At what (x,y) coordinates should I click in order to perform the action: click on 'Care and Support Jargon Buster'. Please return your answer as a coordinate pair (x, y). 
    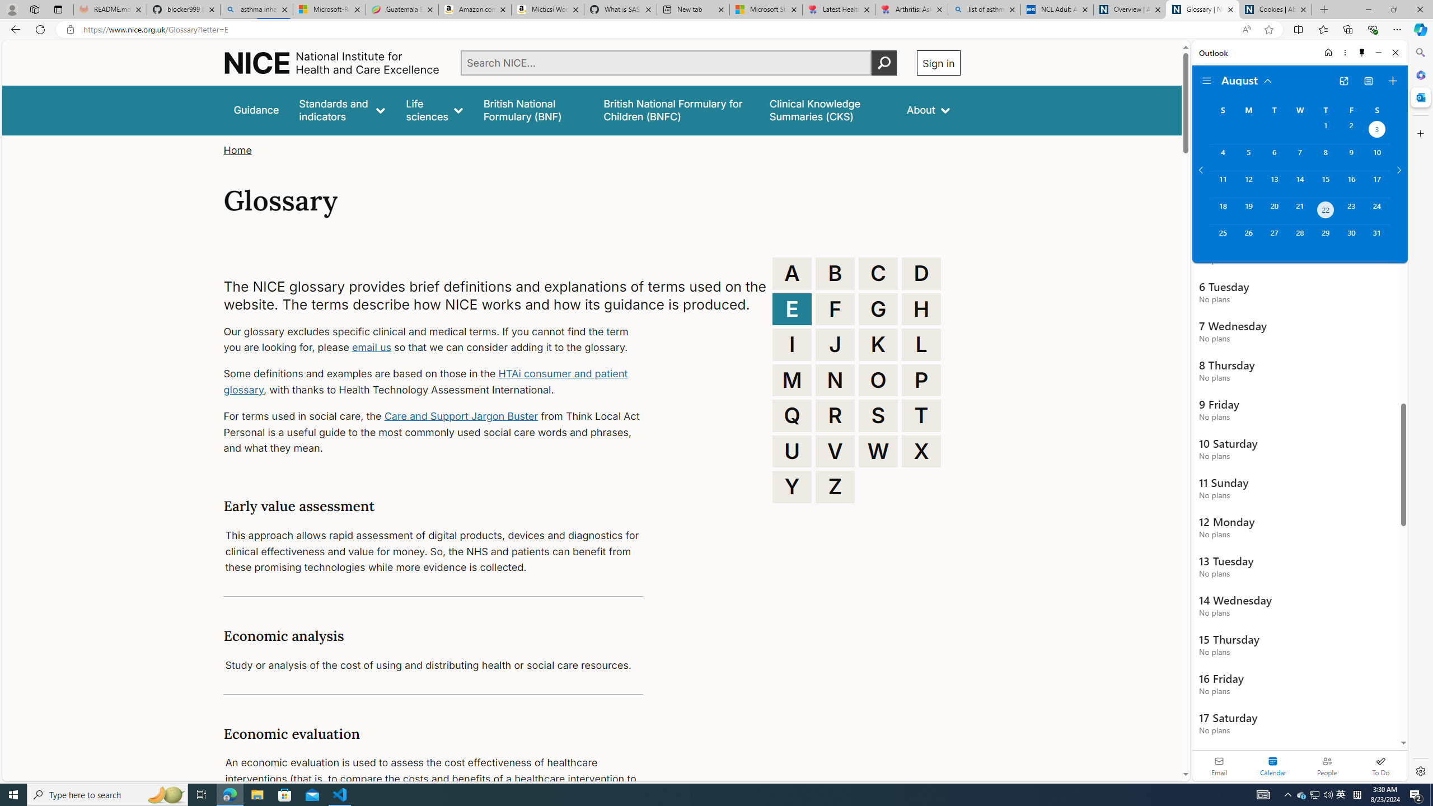
    Looking at the image, I should click on (461, 415).